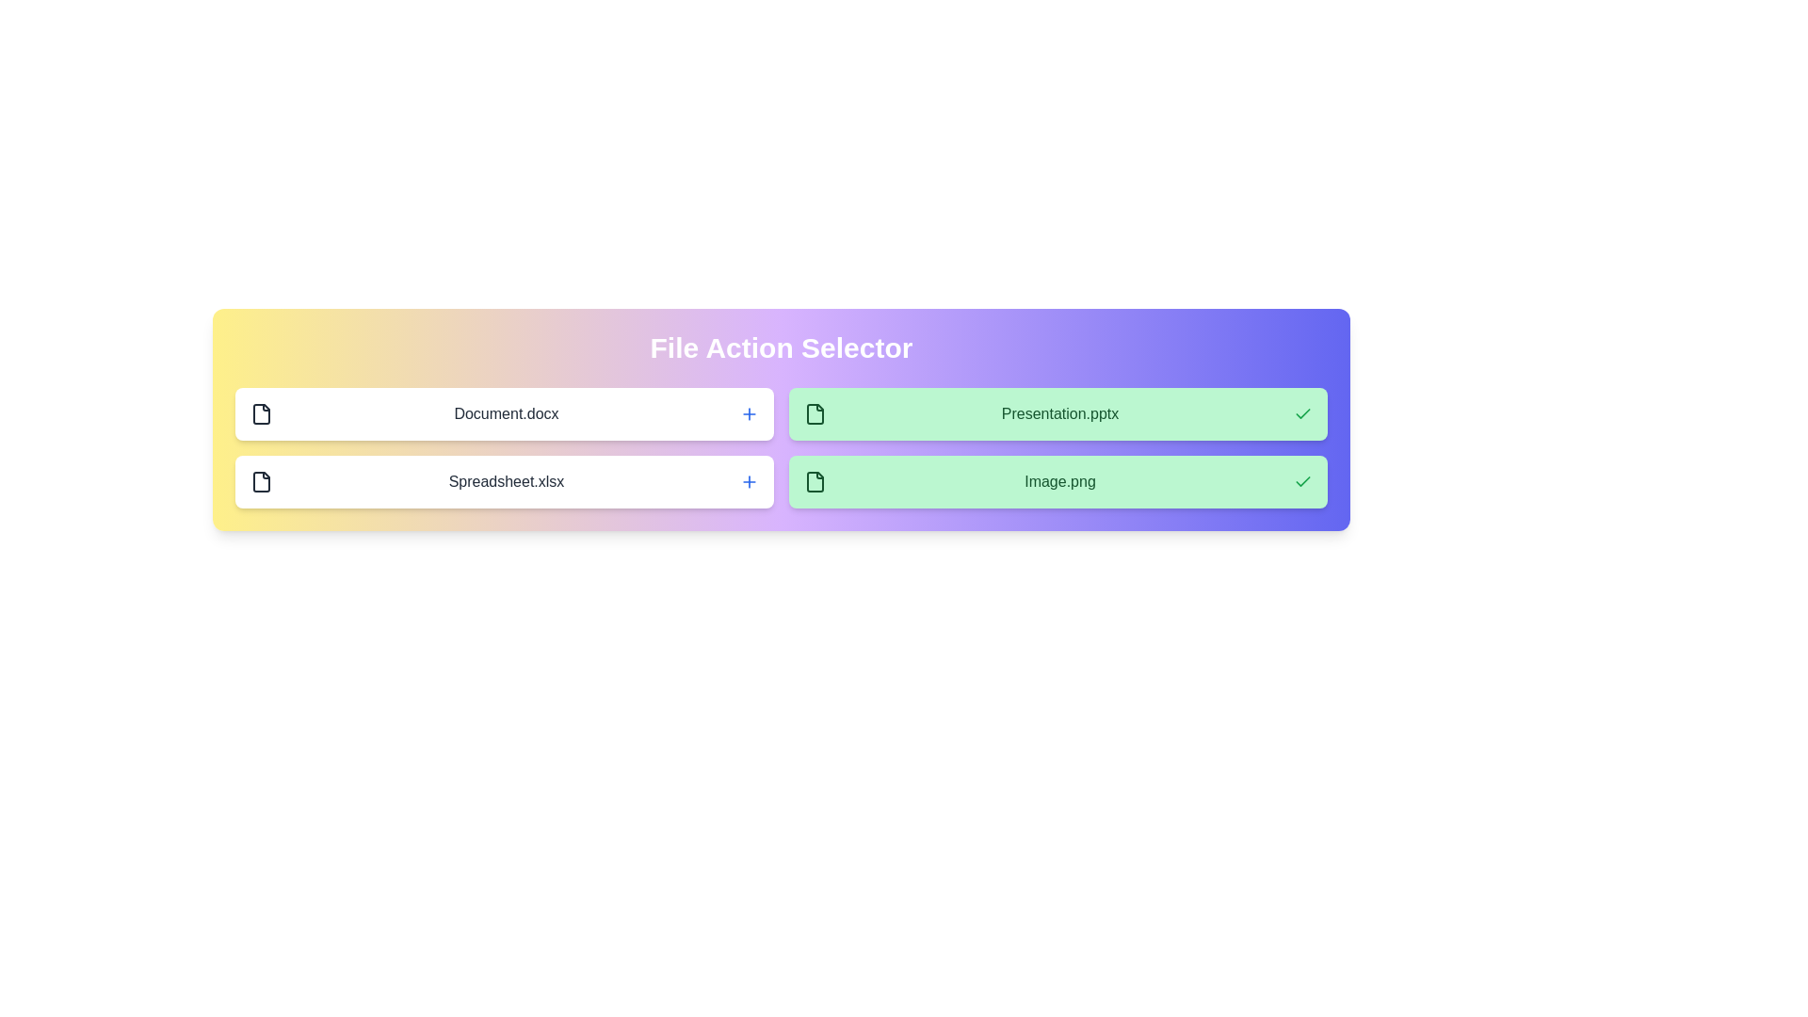 The height and width of the screenshot is (1017, 1808). Describe the element at coordinates (1057, 412) in the screenshot. I see `the file Presentation.pptx by clicking on its row` at that location.